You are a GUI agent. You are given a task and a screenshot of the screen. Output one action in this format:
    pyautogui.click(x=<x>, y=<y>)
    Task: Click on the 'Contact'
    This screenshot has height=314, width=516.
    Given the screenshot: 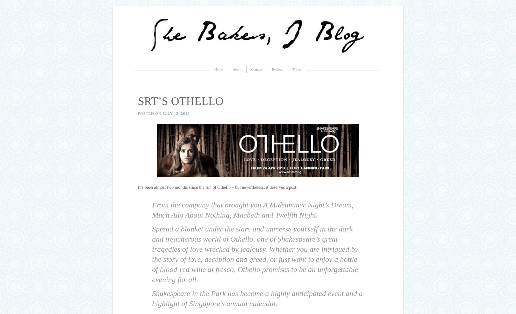 What is the action you would take?
    pyautogui.click(x=256, y=69)
    